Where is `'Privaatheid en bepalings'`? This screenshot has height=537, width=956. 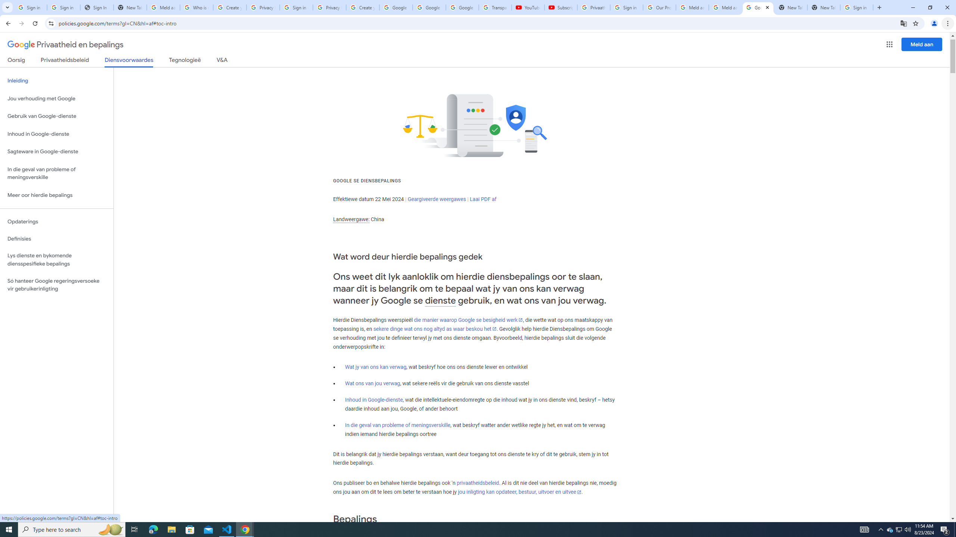 'Privaatheid en bepalings' is located at coordinates (65, 44).